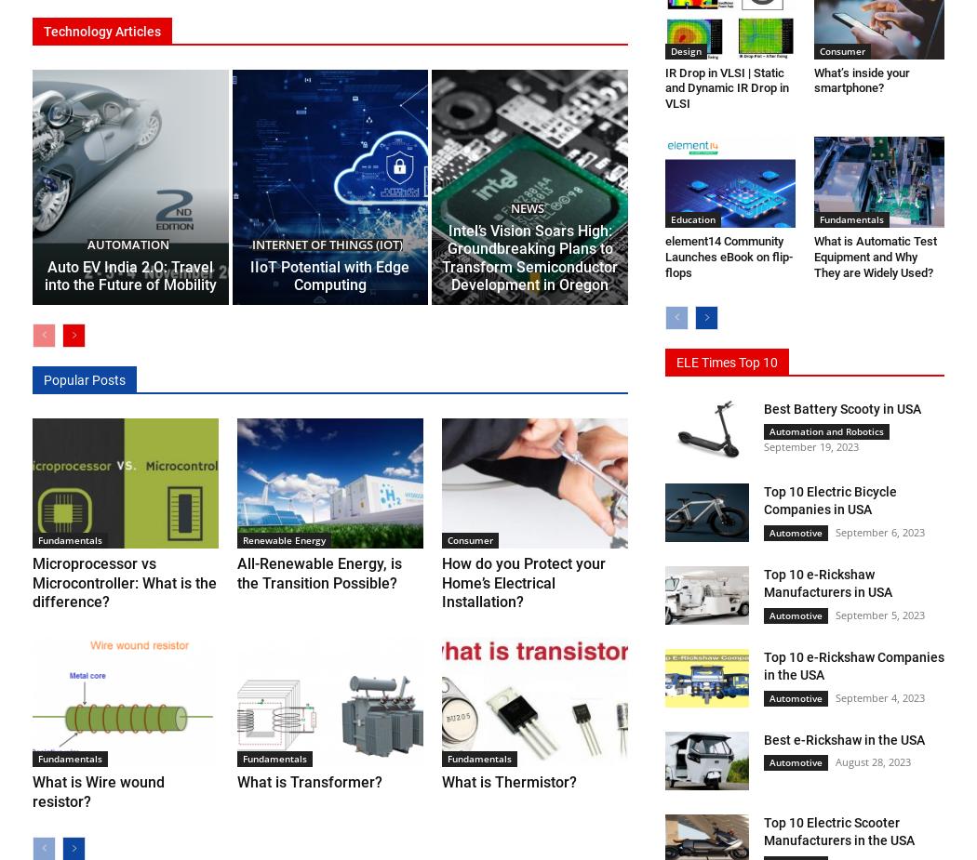  What do you see at coordinates (509, 782) in the screenshot?
I see `'What is Thermistor?'` at bounding box center [509, 782].